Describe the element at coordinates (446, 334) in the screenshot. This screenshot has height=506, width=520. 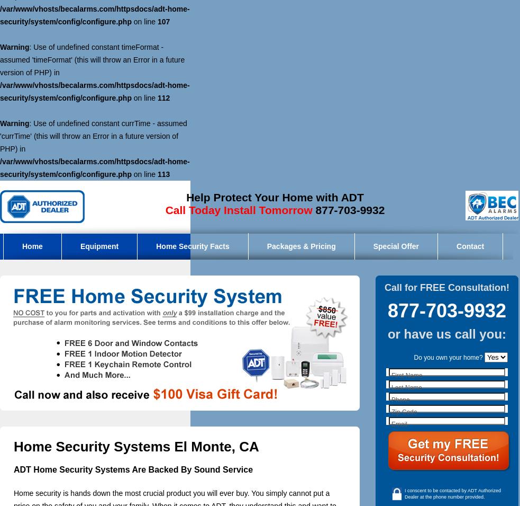
I see `'or have us call you:'` at that location.